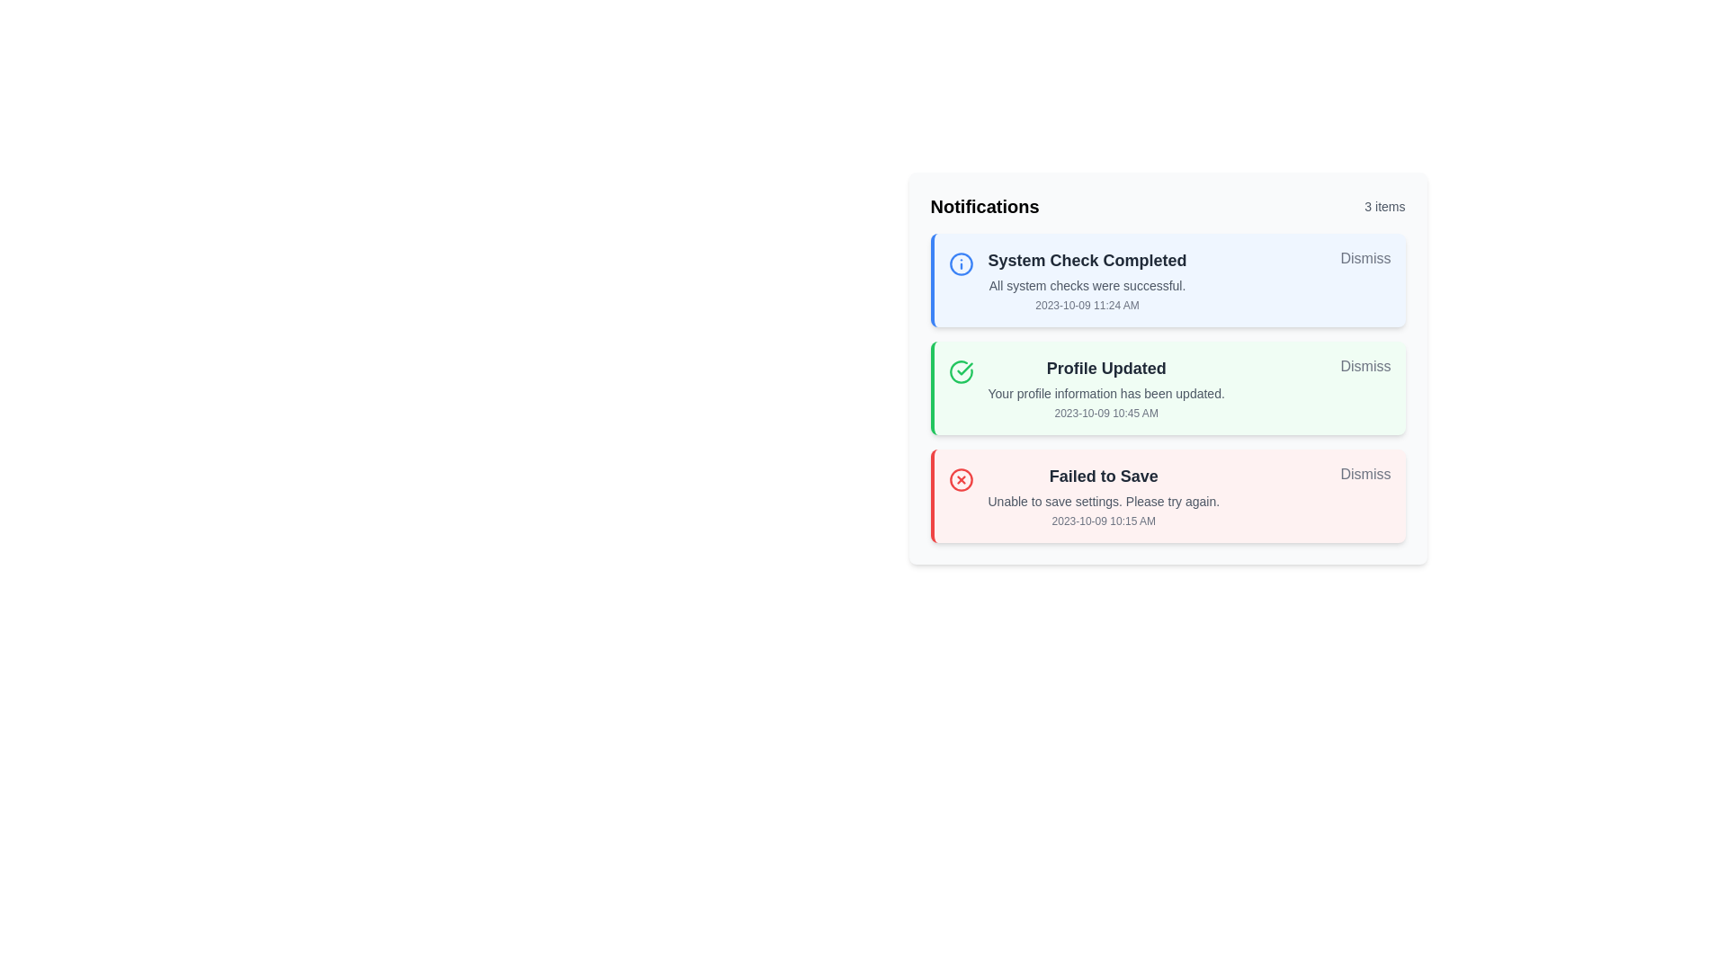 The width and height of the screenshot is (1727, 971). What do you see at coordinates (960, 263) in the screenshot?
I see `the informational message icon located in the 'System Check Completed' notification card, positioned to the left of the text content and aligned with the heading text` at bounding box center [960, 263].